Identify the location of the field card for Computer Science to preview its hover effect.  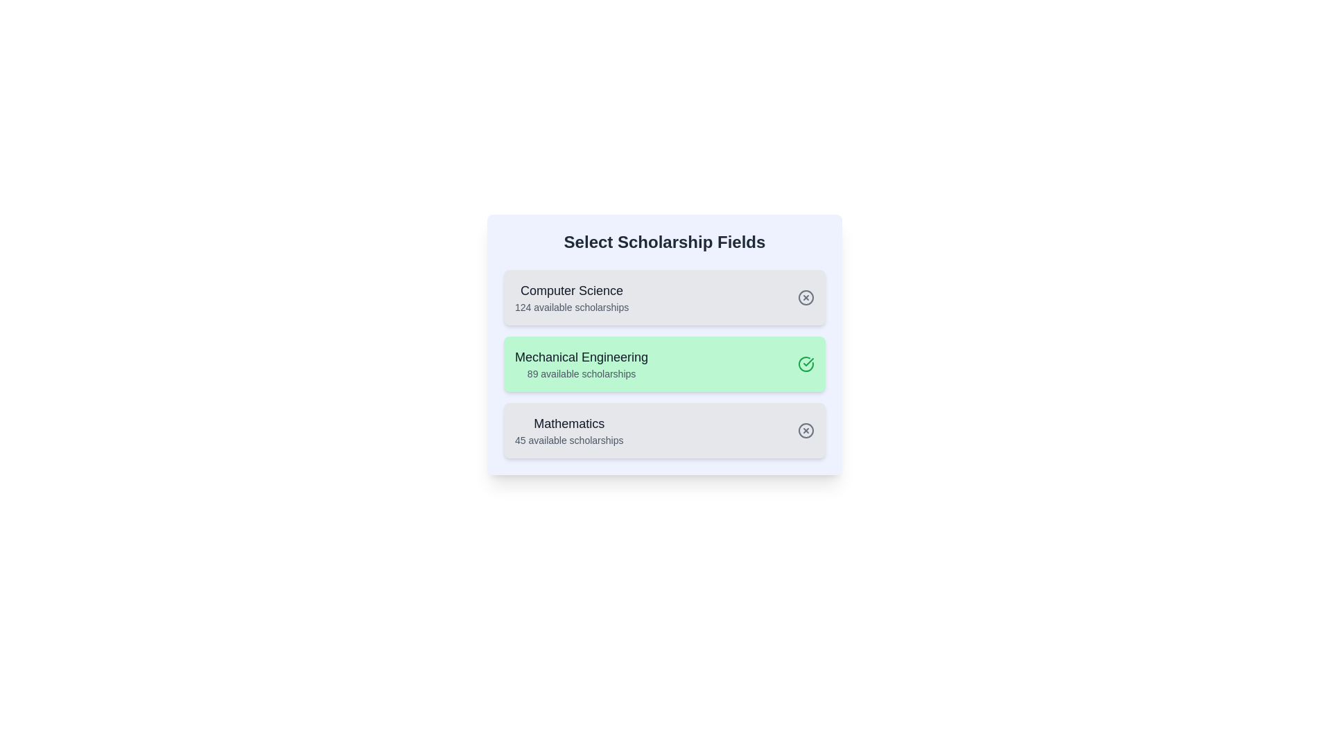
(664, 296).